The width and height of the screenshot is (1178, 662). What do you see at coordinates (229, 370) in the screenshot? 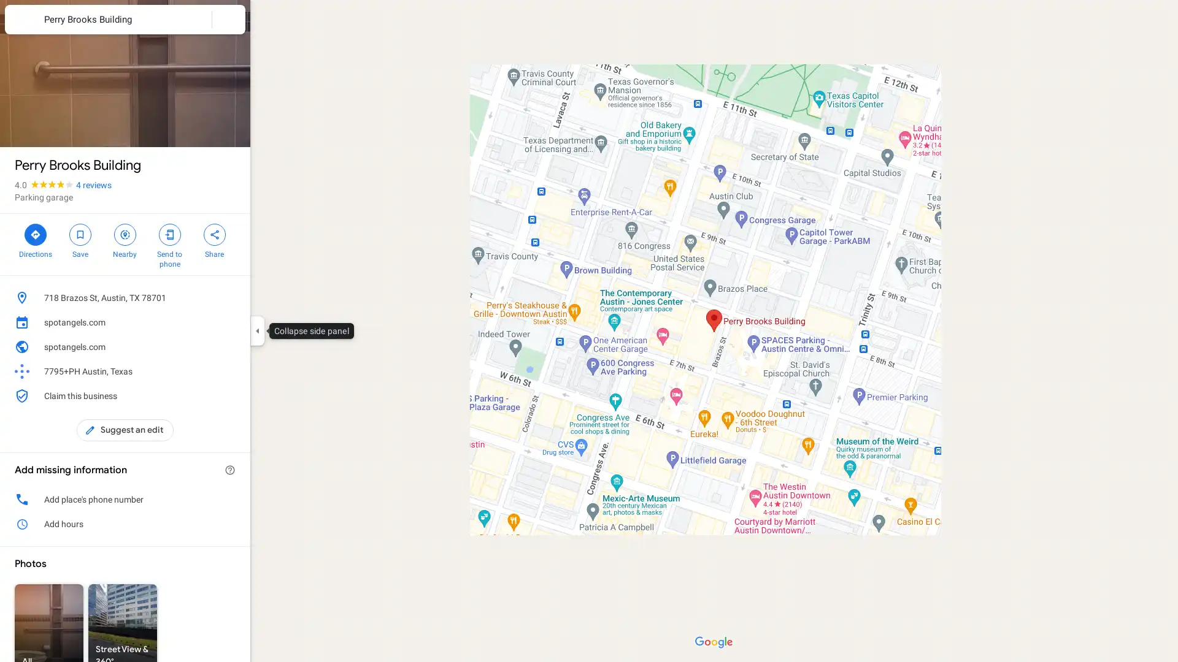
I see `Learn more about plus codes` at bounding box center [229, 370].